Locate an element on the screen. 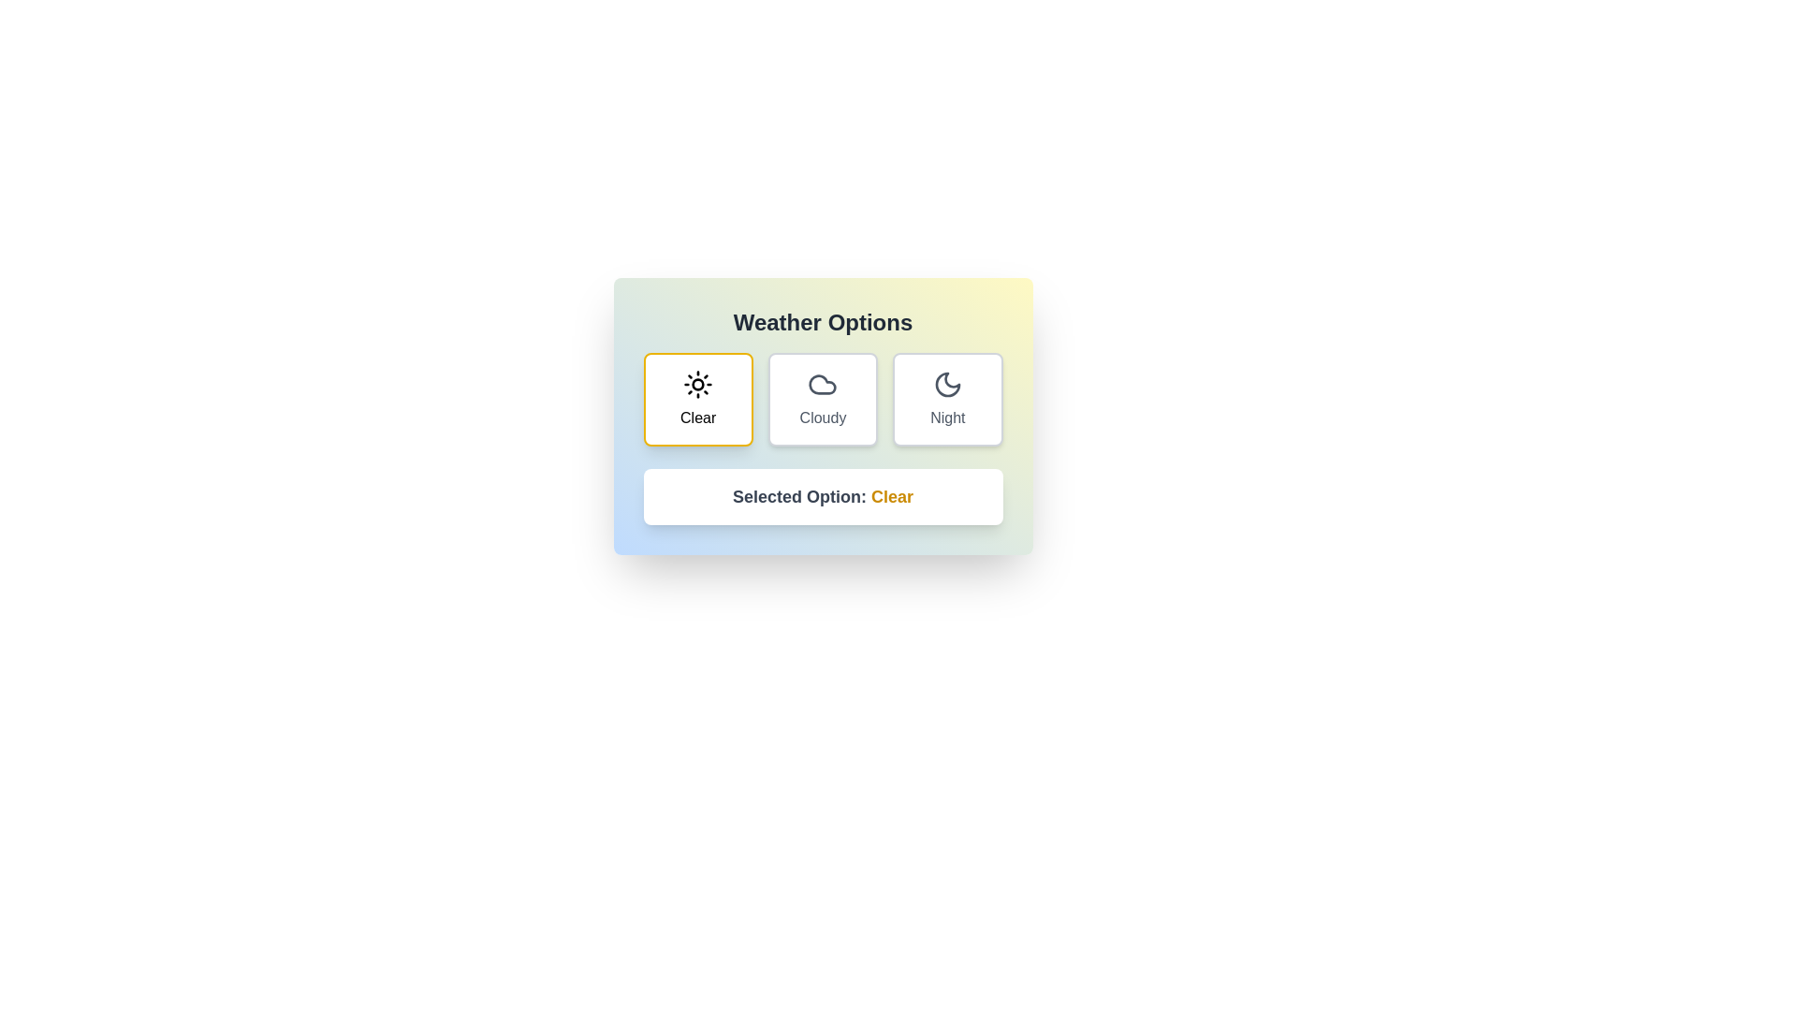 The image size is (1797, 1011). the text label for the 'Night' weather option, which is centrally placed within the rightmost card of a three-card horizontal layout is located at coordinates (947, 418).